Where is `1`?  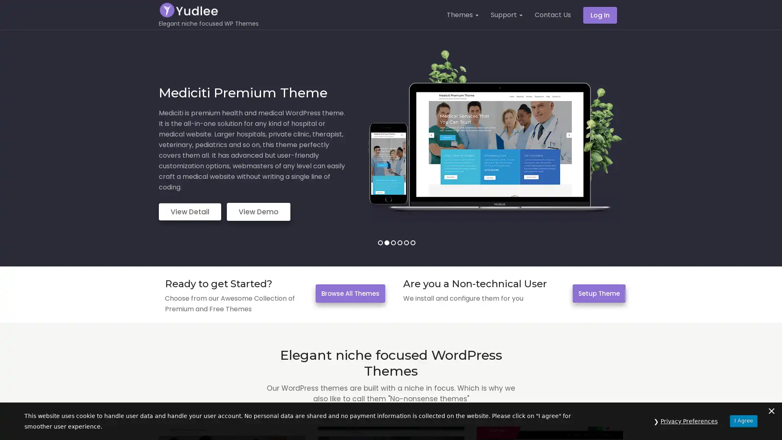
1 is located at coordinates (379, 242).